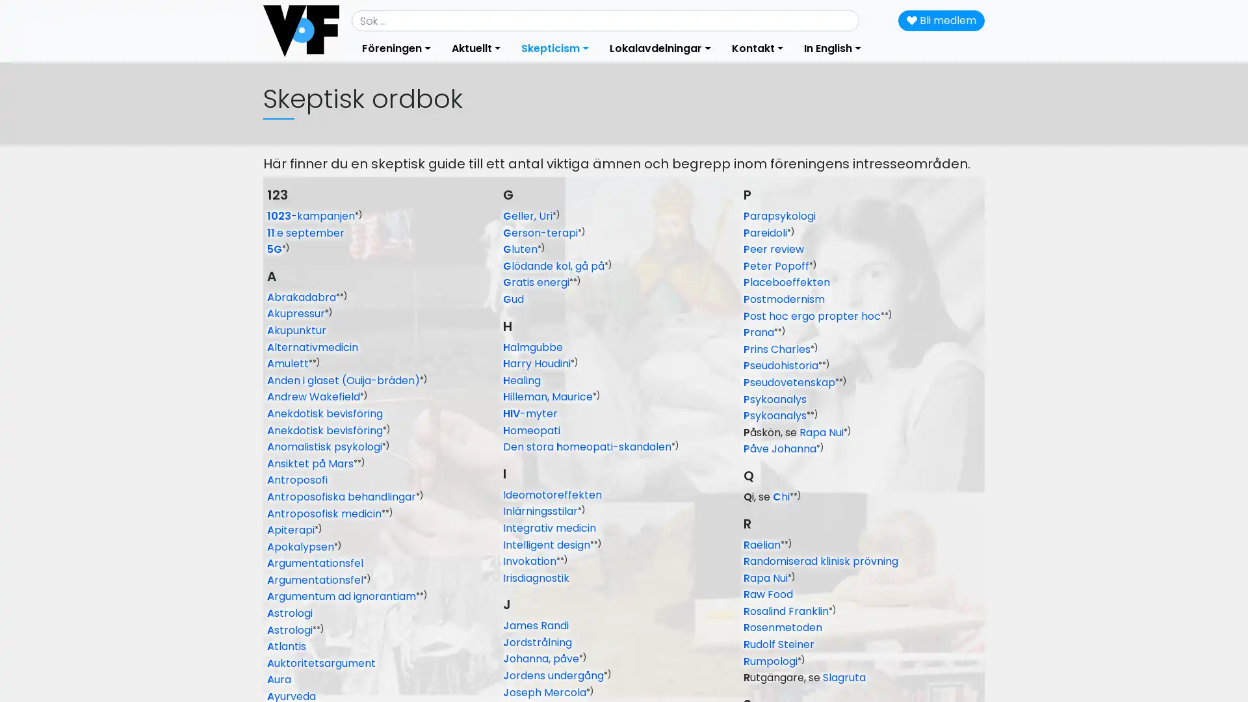 This screenshot has height=702, width=1248. Describe the element at coordinates (941, 20) in the screenshot. I see `Bli medlem` at that location.